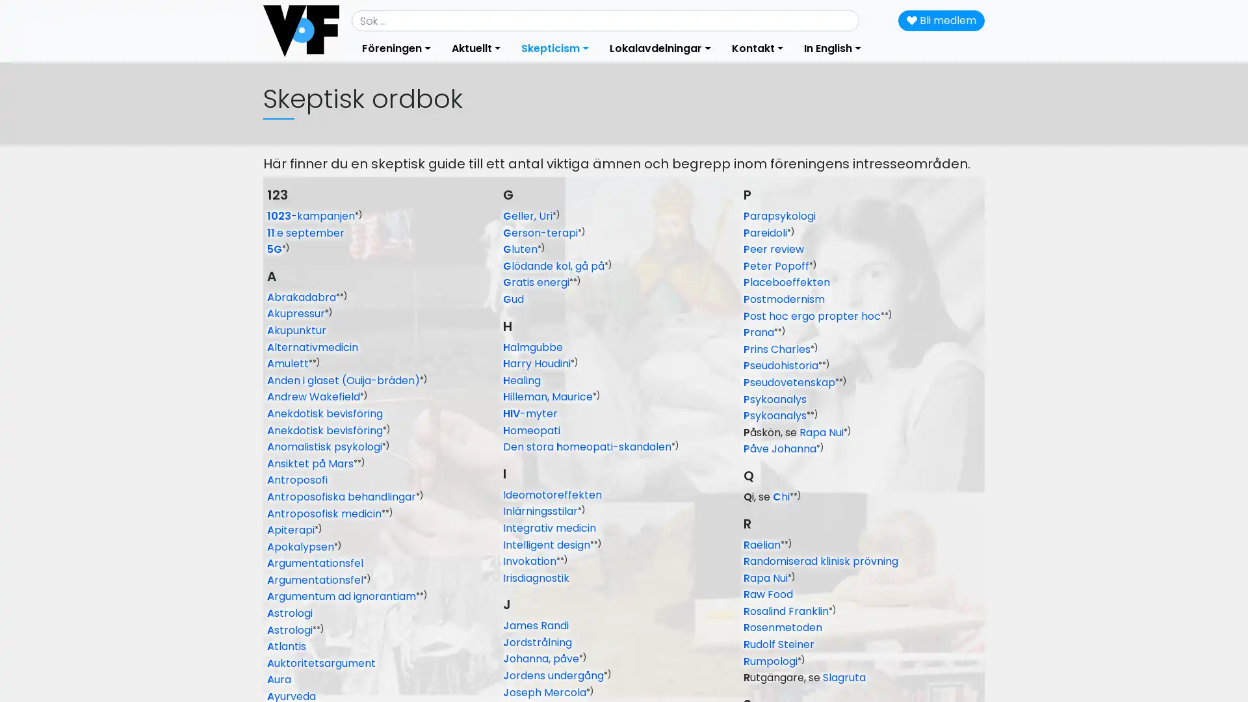 This screenshot has height=702, width=1248. Describe the element at coordinates (941, 20) in the screenshot. I see `Bli medlem` at that location.